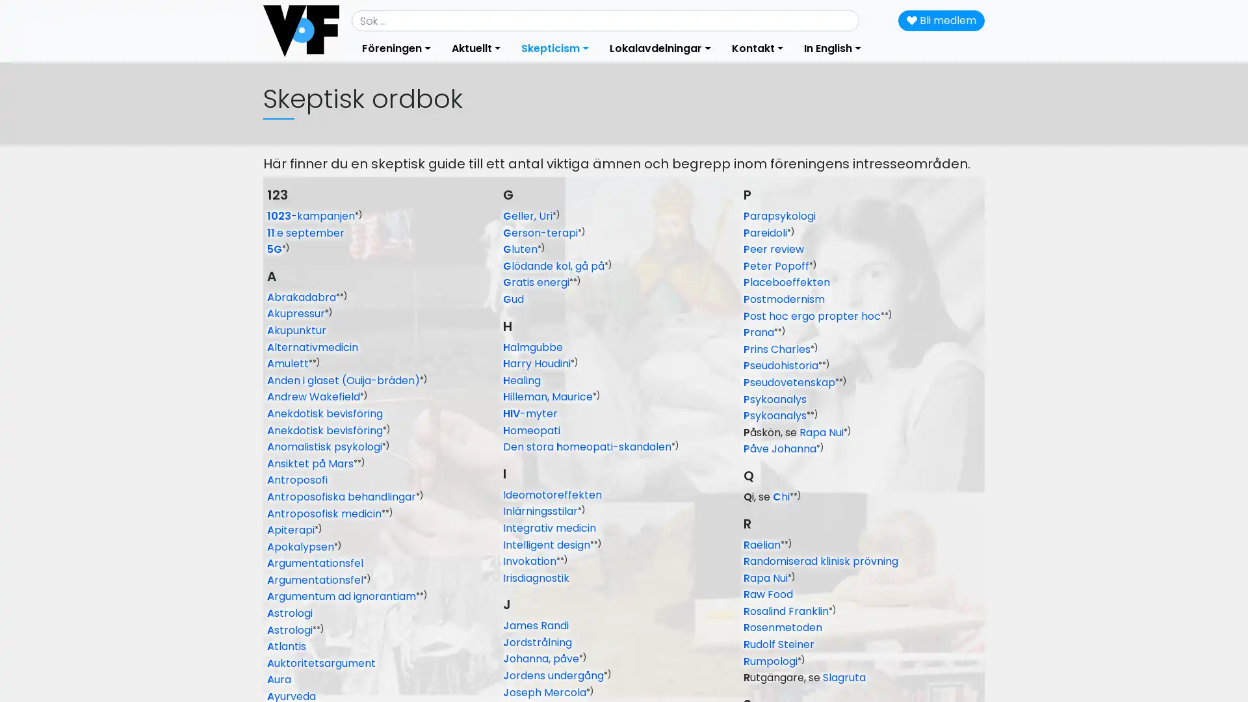 This screenshot has height=702, width=1248. Describe the element at coordinates (941, 20) in the screenshot. I see `Bli medlem` at that location.